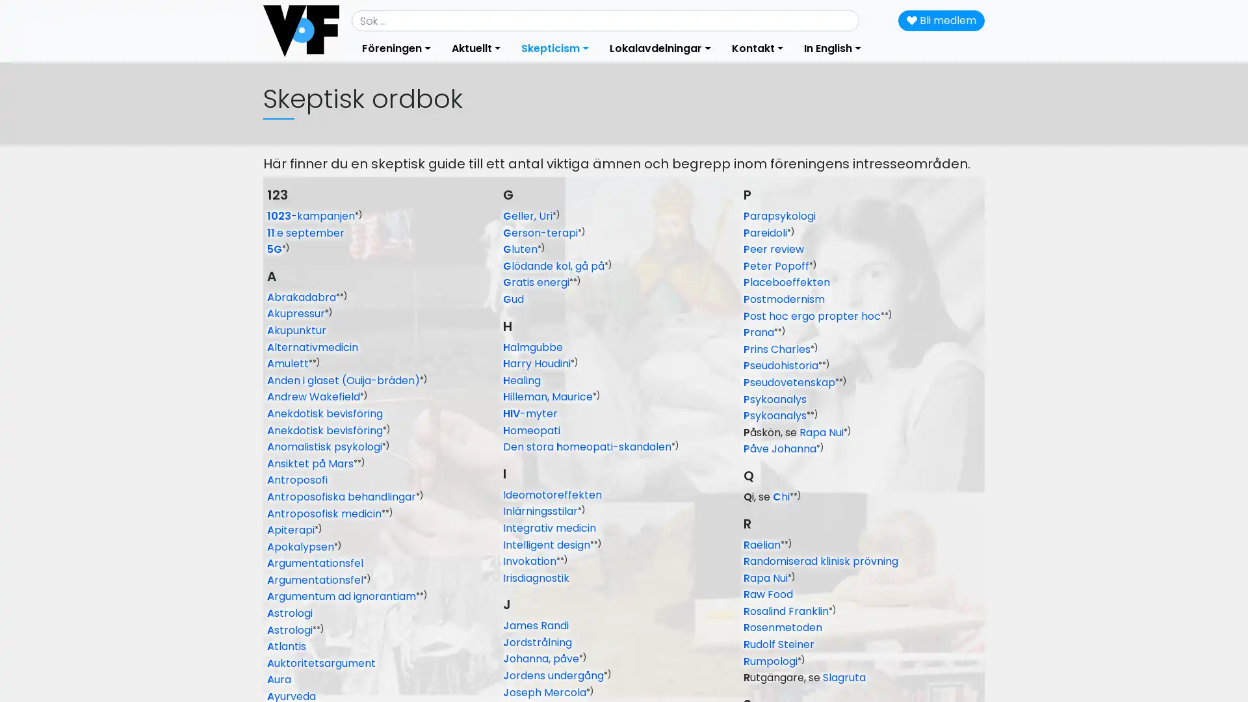 This screenshot has height=702, width=1248. Describe the element at coordinates (941, 20) in the screenshot. I see `Bli medlem` at that location.